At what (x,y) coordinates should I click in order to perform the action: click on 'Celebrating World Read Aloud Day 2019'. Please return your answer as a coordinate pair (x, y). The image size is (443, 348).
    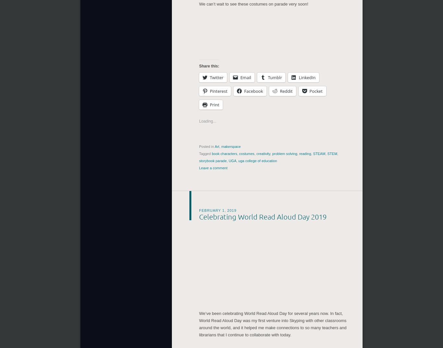
    Looking at the image, I should click on (262, 215).